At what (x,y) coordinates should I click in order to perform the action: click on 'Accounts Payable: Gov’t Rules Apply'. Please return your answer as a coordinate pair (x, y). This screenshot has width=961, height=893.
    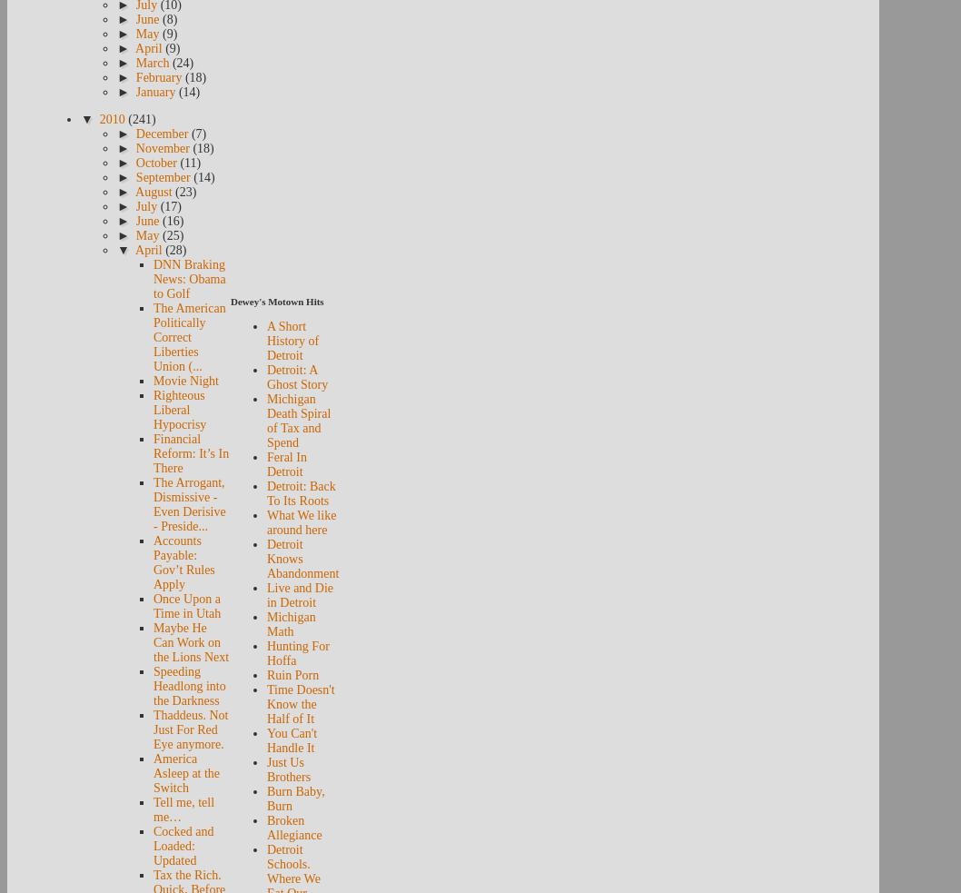
    Looking at the image, I should click on (183, 562).